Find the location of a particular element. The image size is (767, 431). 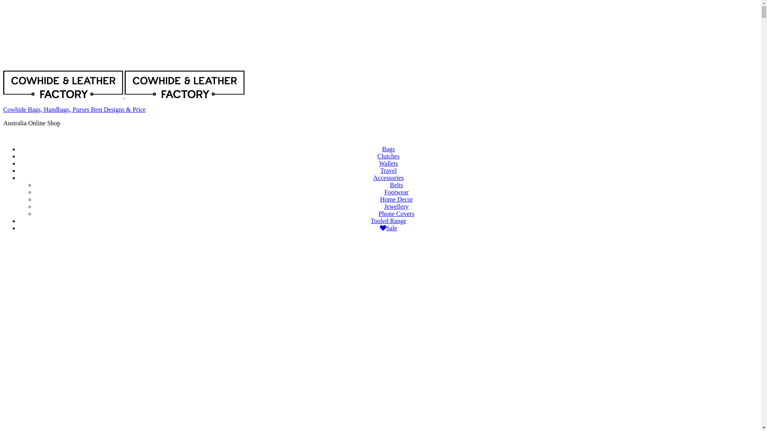

'Travel' is located at coordinates (388, 170).